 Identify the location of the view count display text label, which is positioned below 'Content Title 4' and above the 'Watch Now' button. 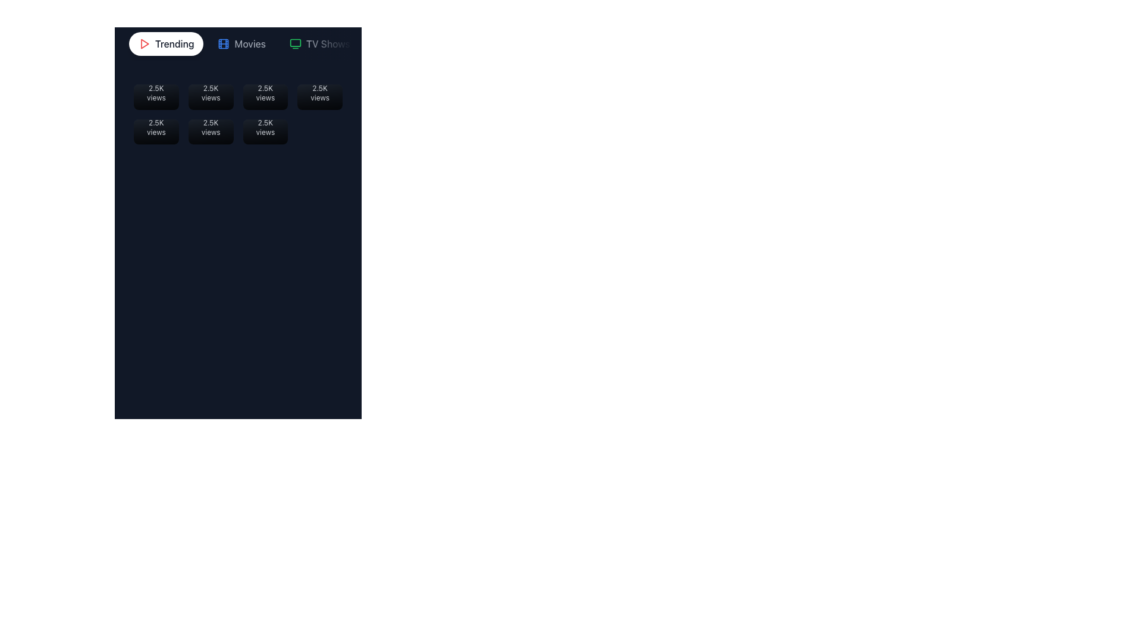
(320, 86).